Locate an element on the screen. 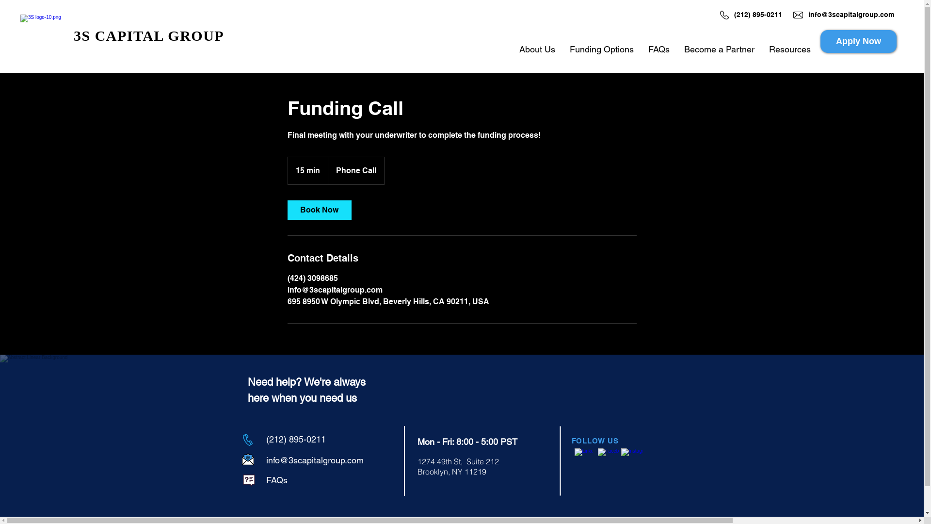  'info@3scapitalgroup.com' is located at coordinates (314, 459).